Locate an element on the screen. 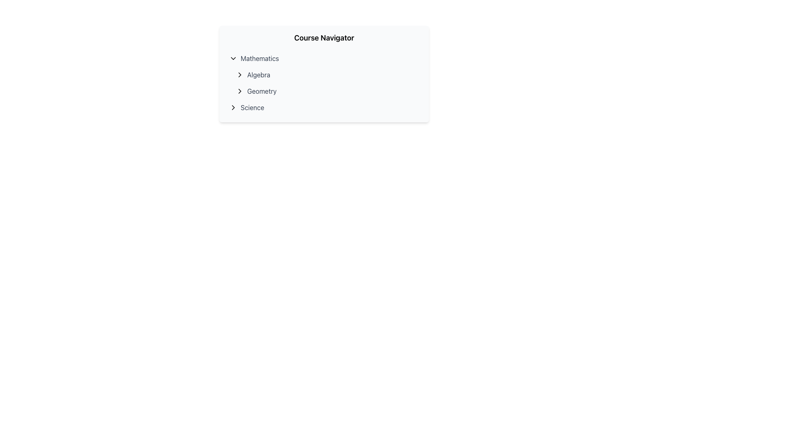 The width and height of the screenshot is (786, 442). the chevron-down icon next to the 'Mathematics' item in the Course Navigator is located at coordinates (233, 58).